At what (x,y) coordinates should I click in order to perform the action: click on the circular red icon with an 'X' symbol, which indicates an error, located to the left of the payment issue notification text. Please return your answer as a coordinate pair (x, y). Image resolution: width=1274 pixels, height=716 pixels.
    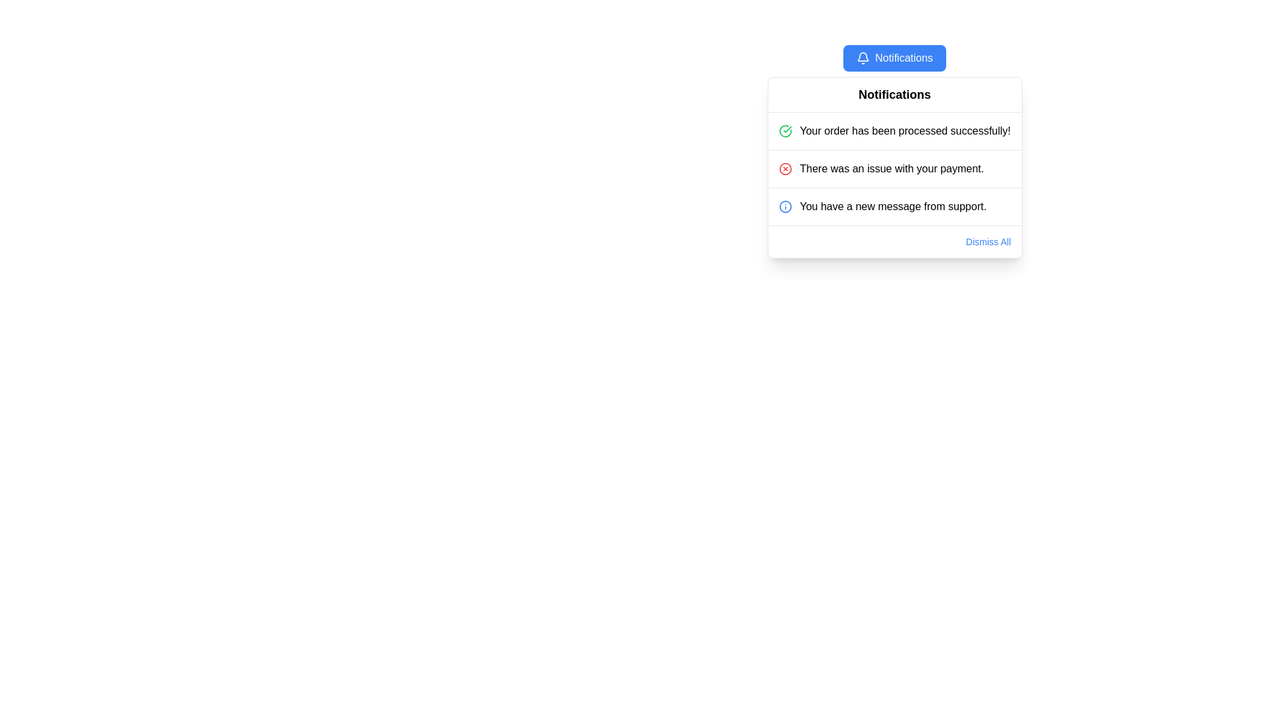
    Looking at the image, I should click on (785, 168).